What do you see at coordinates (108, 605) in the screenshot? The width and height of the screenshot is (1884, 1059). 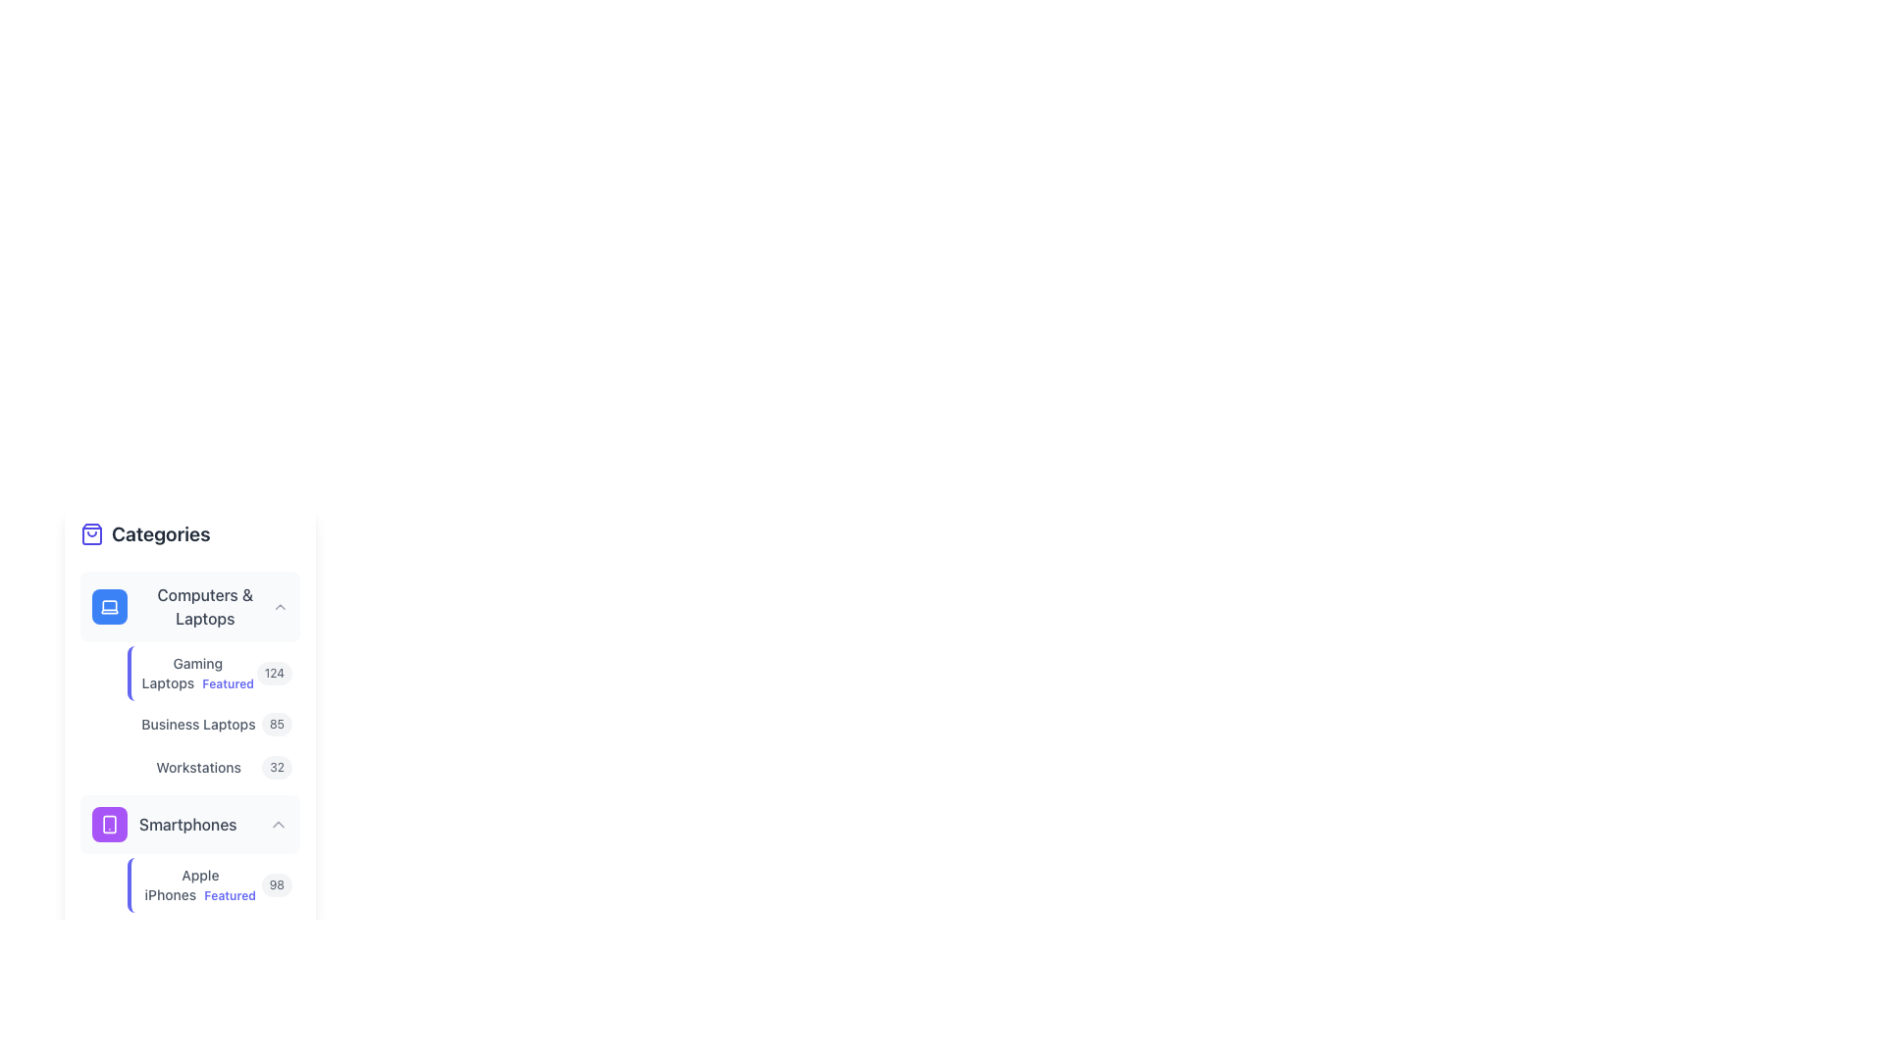 I see `the small white laptop icon with a minimalistic outline, located within a blue circular background to the left of the 'Computers & Laptops' label in the vertical menu` at bounding box center [108, 605].